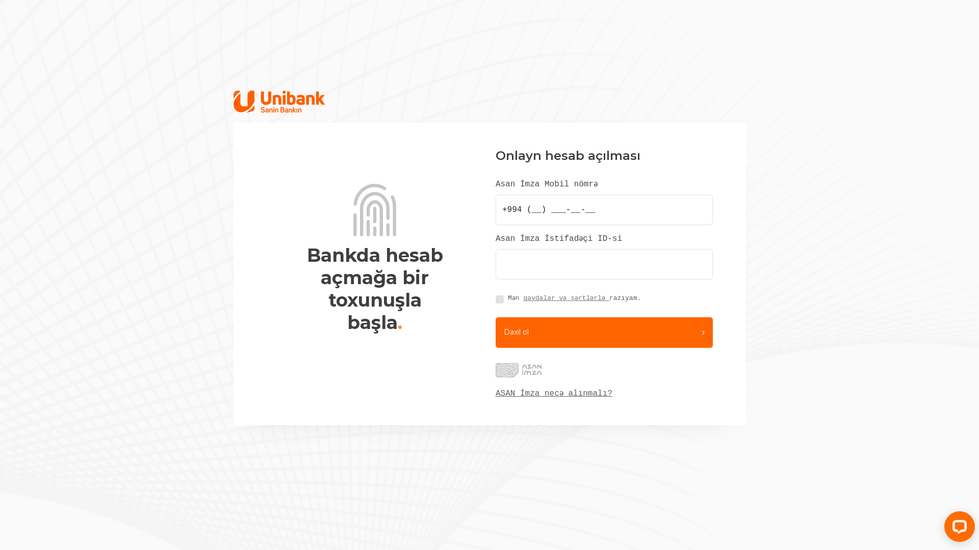 Image resolution: width=979 pixels, height=550 pixels. I want to click on 'Daxil ol', so click(604, 332).